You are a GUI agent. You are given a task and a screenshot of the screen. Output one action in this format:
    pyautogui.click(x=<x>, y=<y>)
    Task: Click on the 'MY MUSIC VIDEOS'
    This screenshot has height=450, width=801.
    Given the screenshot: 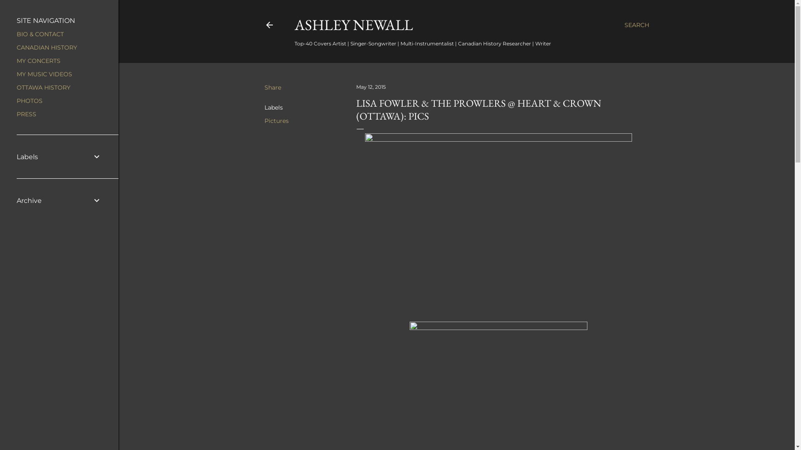 What is the action you would take?
    pyautogui.click(x=16, y=73)
    